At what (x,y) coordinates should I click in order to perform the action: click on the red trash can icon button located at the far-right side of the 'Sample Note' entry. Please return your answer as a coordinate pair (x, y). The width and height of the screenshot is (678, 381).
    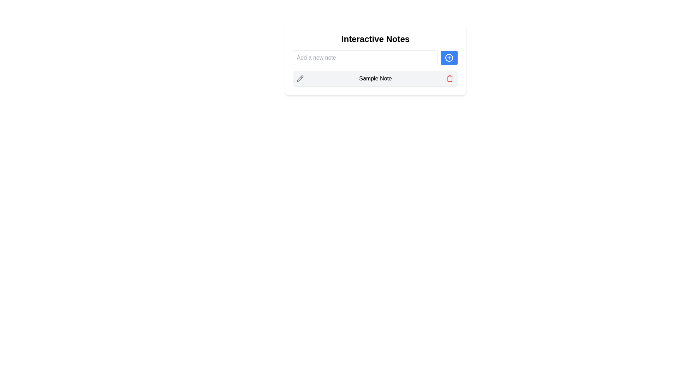
    Looking at the image, I should click on (449, 79).